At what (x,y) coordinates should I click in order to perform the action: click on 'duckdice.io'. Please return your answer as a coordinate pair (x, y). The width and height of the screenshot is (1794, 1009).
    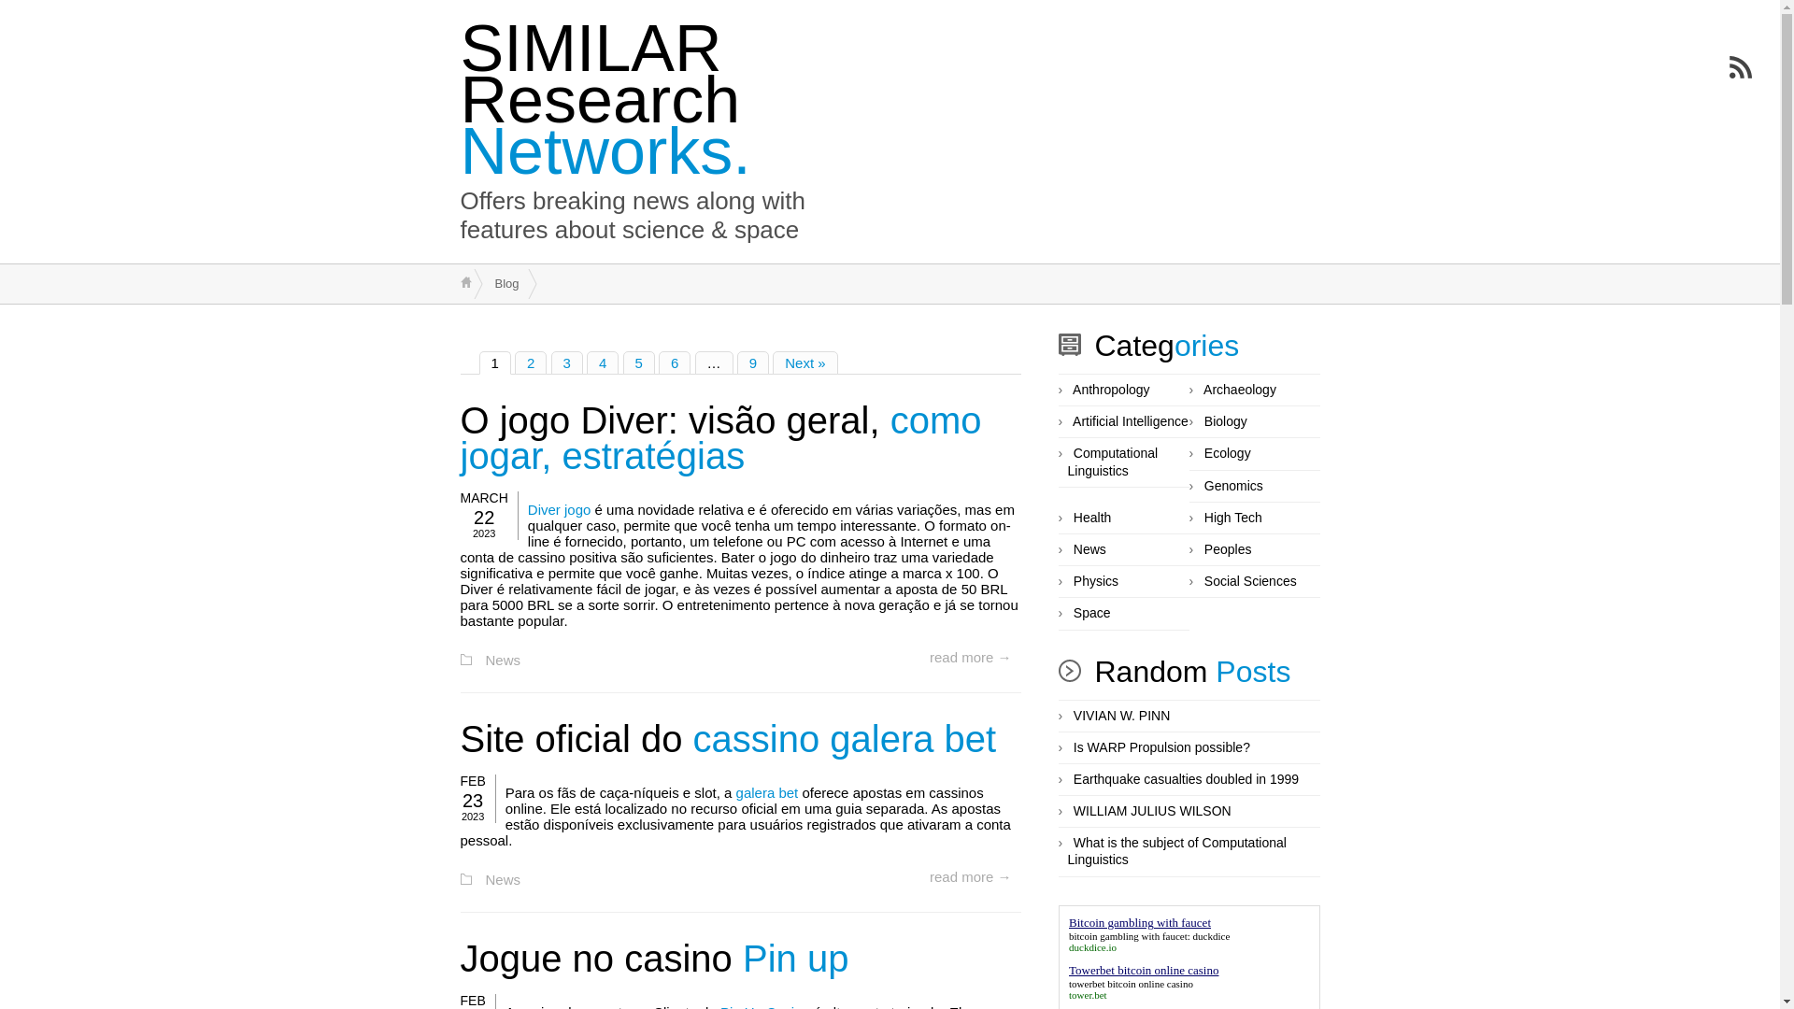
    Looking at the image, I should click on (1092, 947).